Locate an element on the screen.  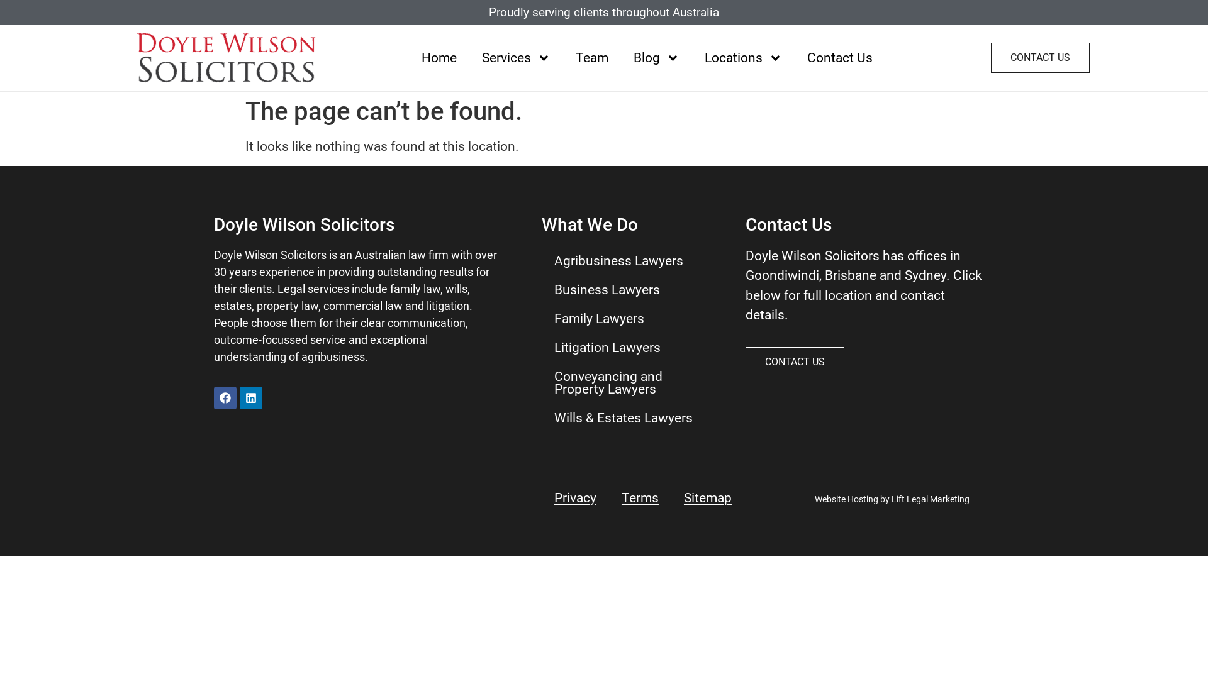
'Locations' is located at coordinates (743, 57).